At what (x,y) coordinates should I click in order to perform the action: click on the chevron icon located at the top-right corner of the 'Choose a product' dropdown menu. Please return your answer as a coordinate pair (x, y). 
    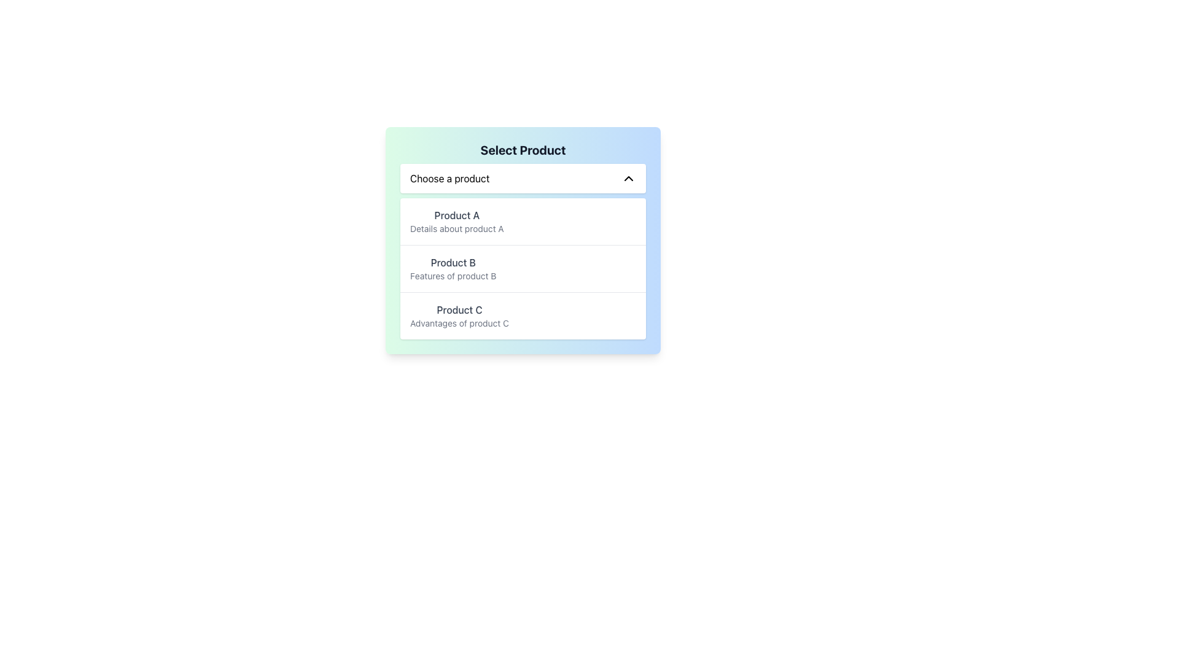
    Looking at the image, I should click on (628, 178).